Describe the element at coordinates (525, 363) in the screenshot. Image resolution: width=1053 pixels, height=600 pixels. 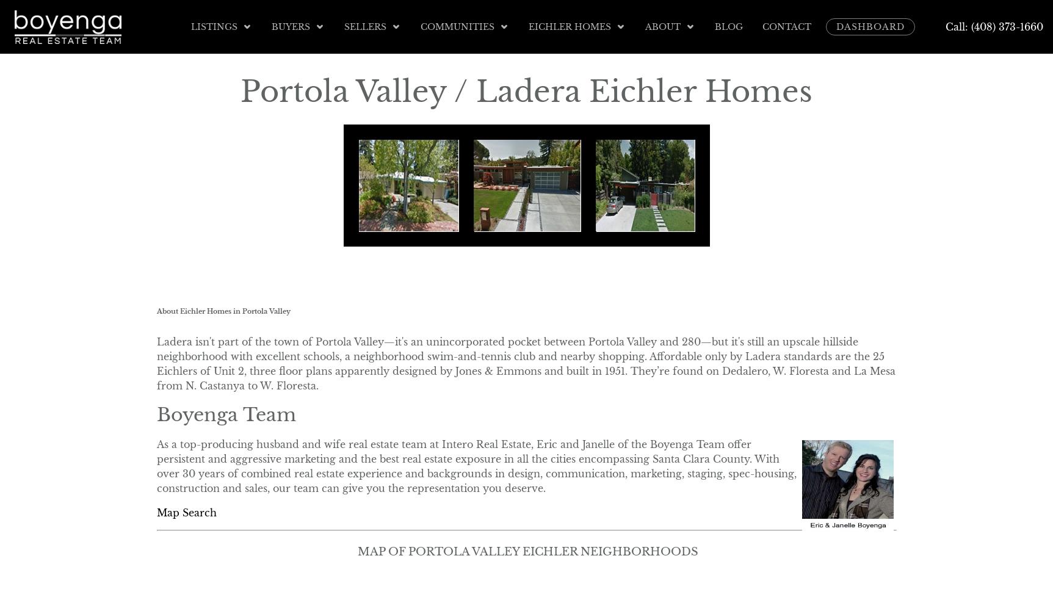
I see `'Ladera isn't part of the town of Portola Valley—it's an unincorporated pocket between Portola Valley and 280—but it's still an upscale hillside neighborhood with excellent schools, a neighborhood swim-and-tennis club and nearby shopping.  Affordable only by Ladera standards are the 25 Eichlers of Unit 2, three floor plans apparently designed by Jones & Emmons and built in 1951.  They’re found on Dedalero, W. Floresta and La Mesa from N. Castanya to W. Floresta.'` at that location.